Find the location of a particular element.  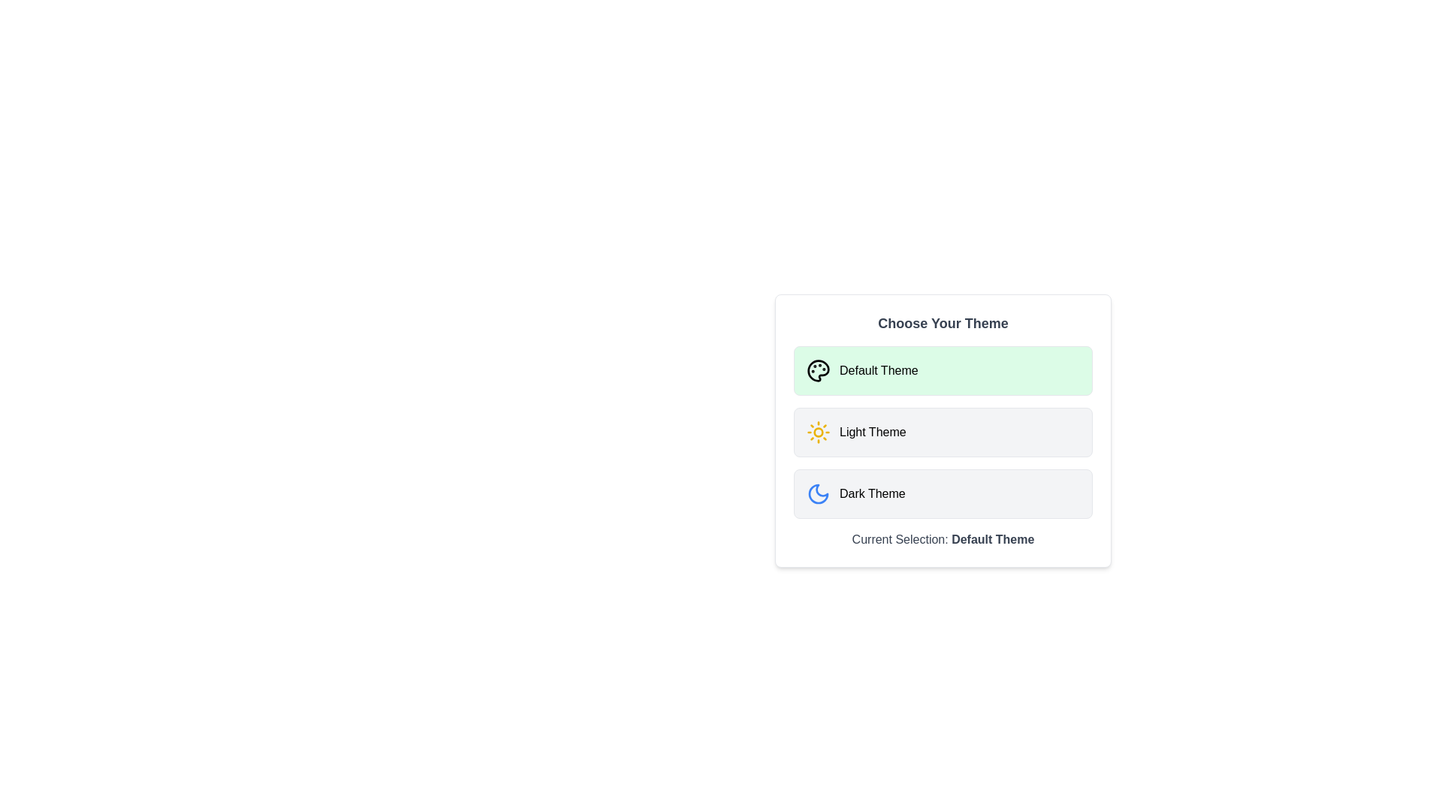

the theme by clicking on the button corresponding to Dark is located at coordinates (943, 494).